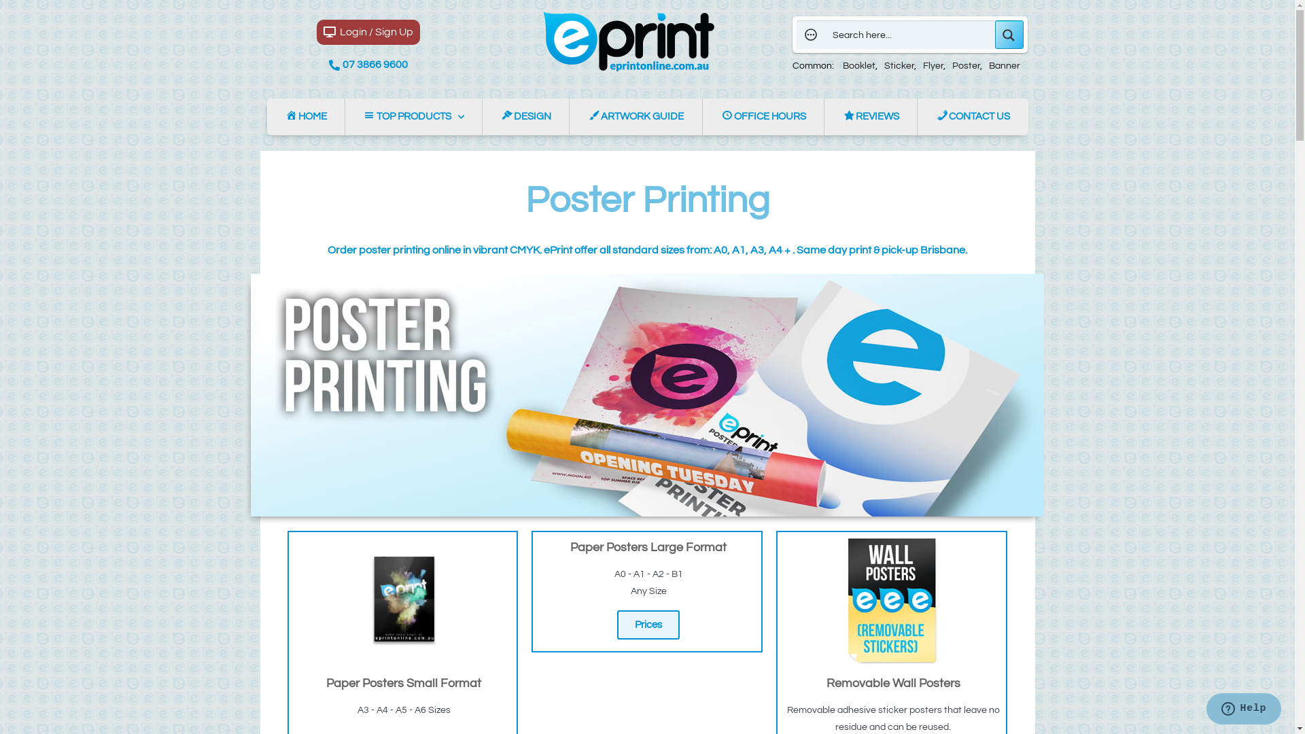 This screenshot has height=734, width=1305. I want to click on 'DESIGN', so click(525, 116).